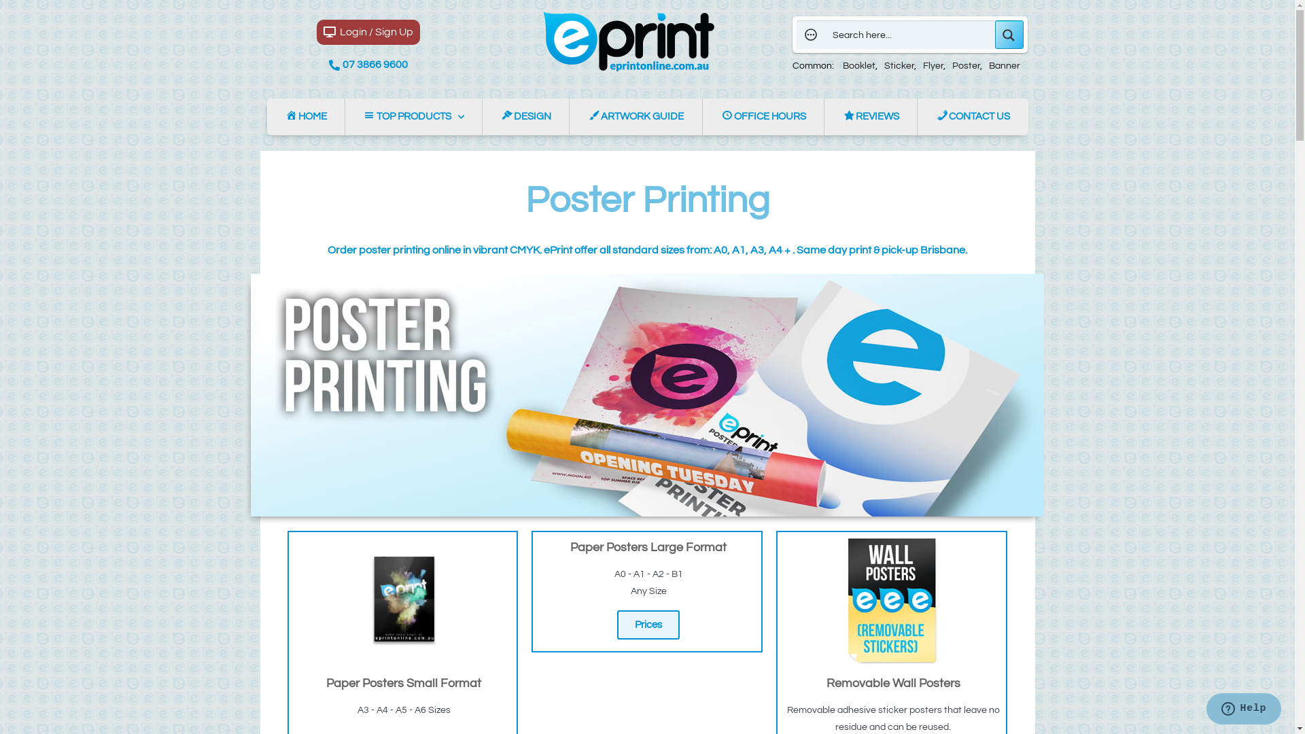 This screenshot has height=734, width=1305. I want to click on 'DESIGN', so click(525, 116).